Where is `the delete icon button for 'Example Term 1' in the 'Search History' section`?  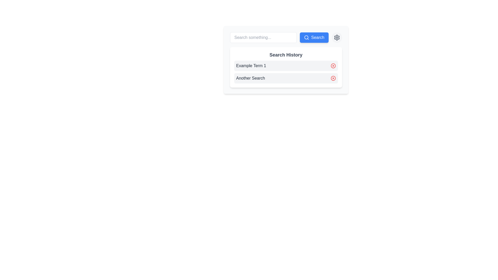 the delete icon button for 'Example Term 1' in the 'Search History' section is located at coordinates (333, 66).